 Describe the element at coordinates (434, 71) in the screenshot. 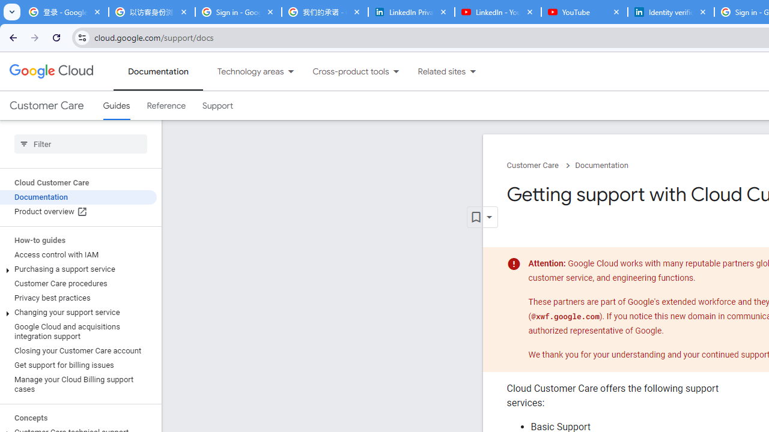

I see `'Related sites'` at that location.